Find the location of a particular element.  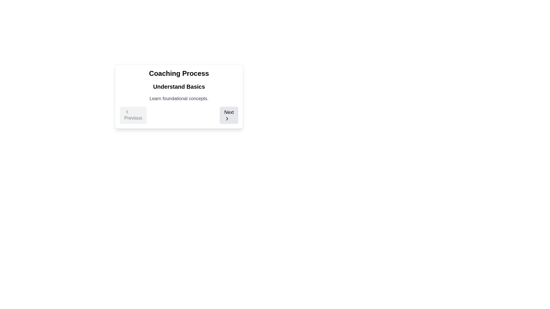

the right-facing chevron icon is located at coordinates (227, 118).